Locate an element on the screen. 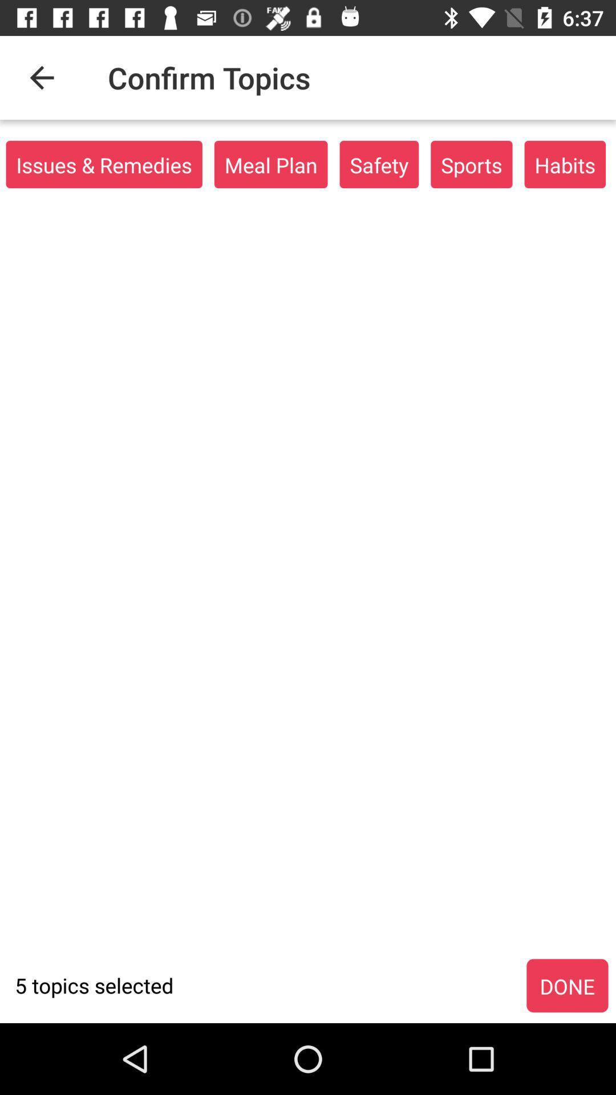  icon next to 5 topics selected  item is located at coordinates (567, 985).